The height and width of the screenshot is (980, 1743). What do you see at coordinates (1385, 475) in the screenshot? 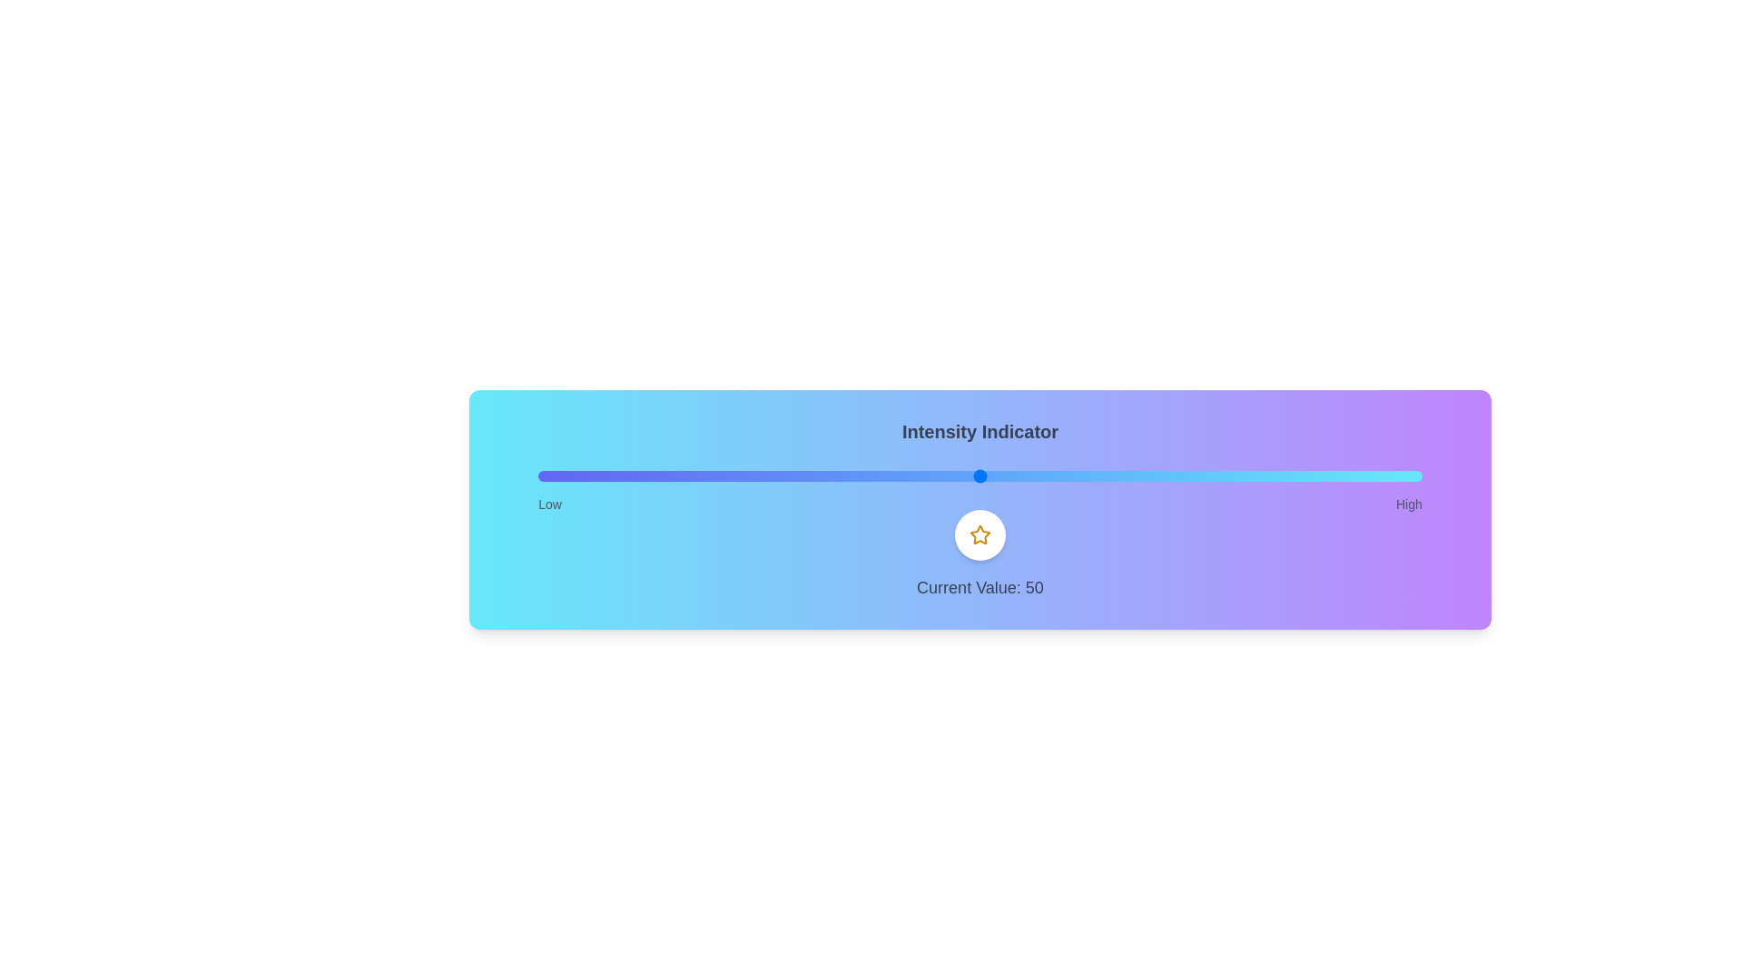
I see `the slider to a specific value, 96, to observe the icon's behavior` at bounding box center [1385, 475].